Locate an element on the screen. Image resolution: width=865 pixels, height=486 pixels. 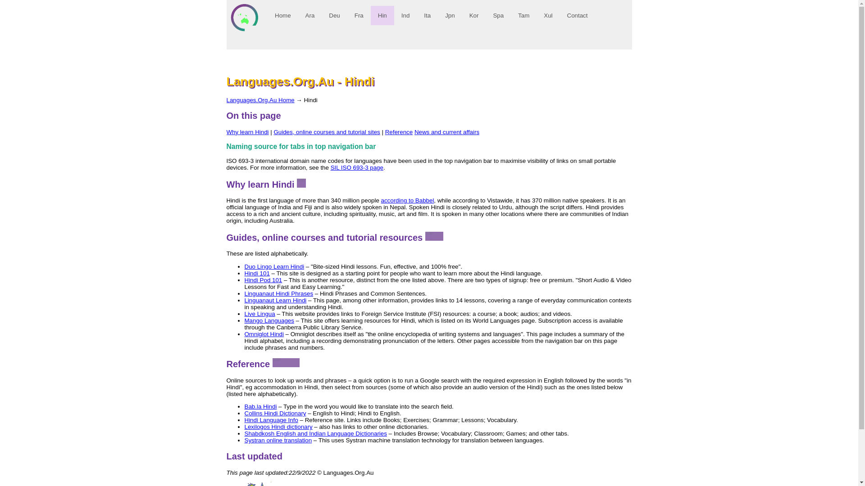
'Omniglot Hindi' is located at coordinates (244, 334).